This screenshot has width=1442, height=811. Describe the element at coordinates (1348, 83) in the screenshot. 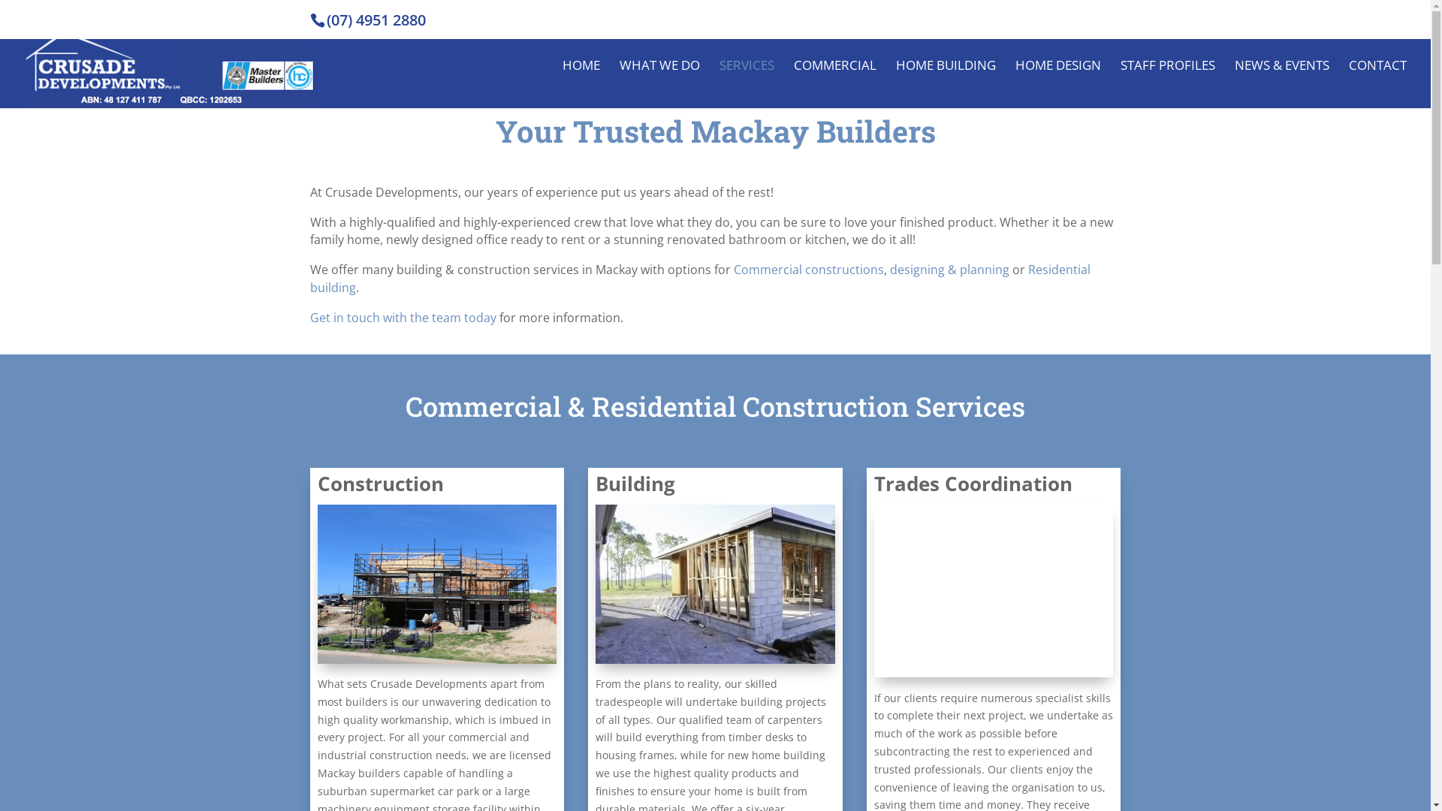

I see `'CONTACT'` at that location.